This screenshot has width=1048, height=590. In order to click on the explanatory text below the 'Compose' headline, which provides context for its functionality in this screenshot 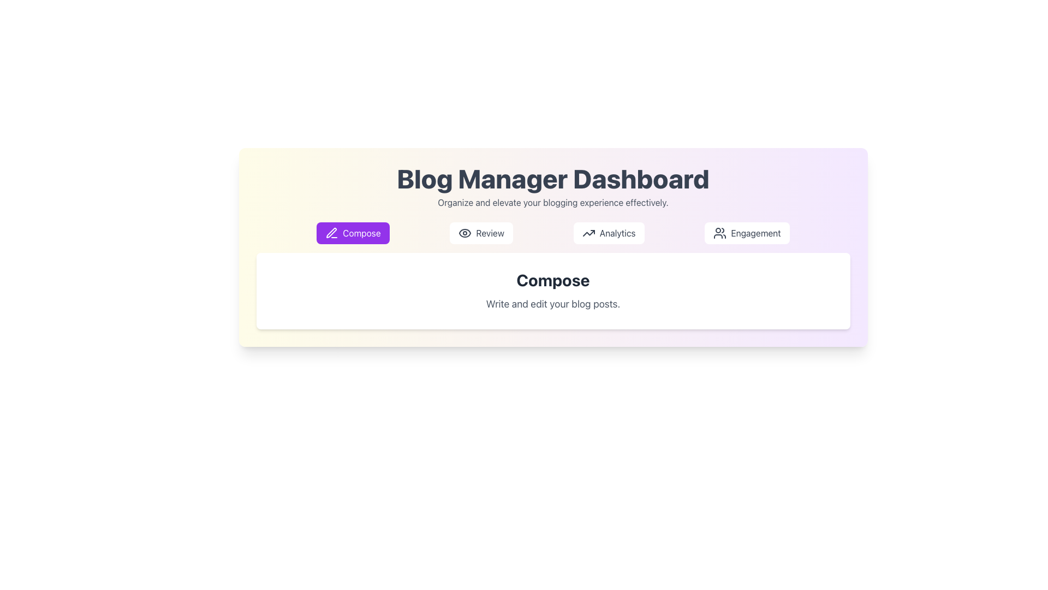, I will do `click(553, 304)`.